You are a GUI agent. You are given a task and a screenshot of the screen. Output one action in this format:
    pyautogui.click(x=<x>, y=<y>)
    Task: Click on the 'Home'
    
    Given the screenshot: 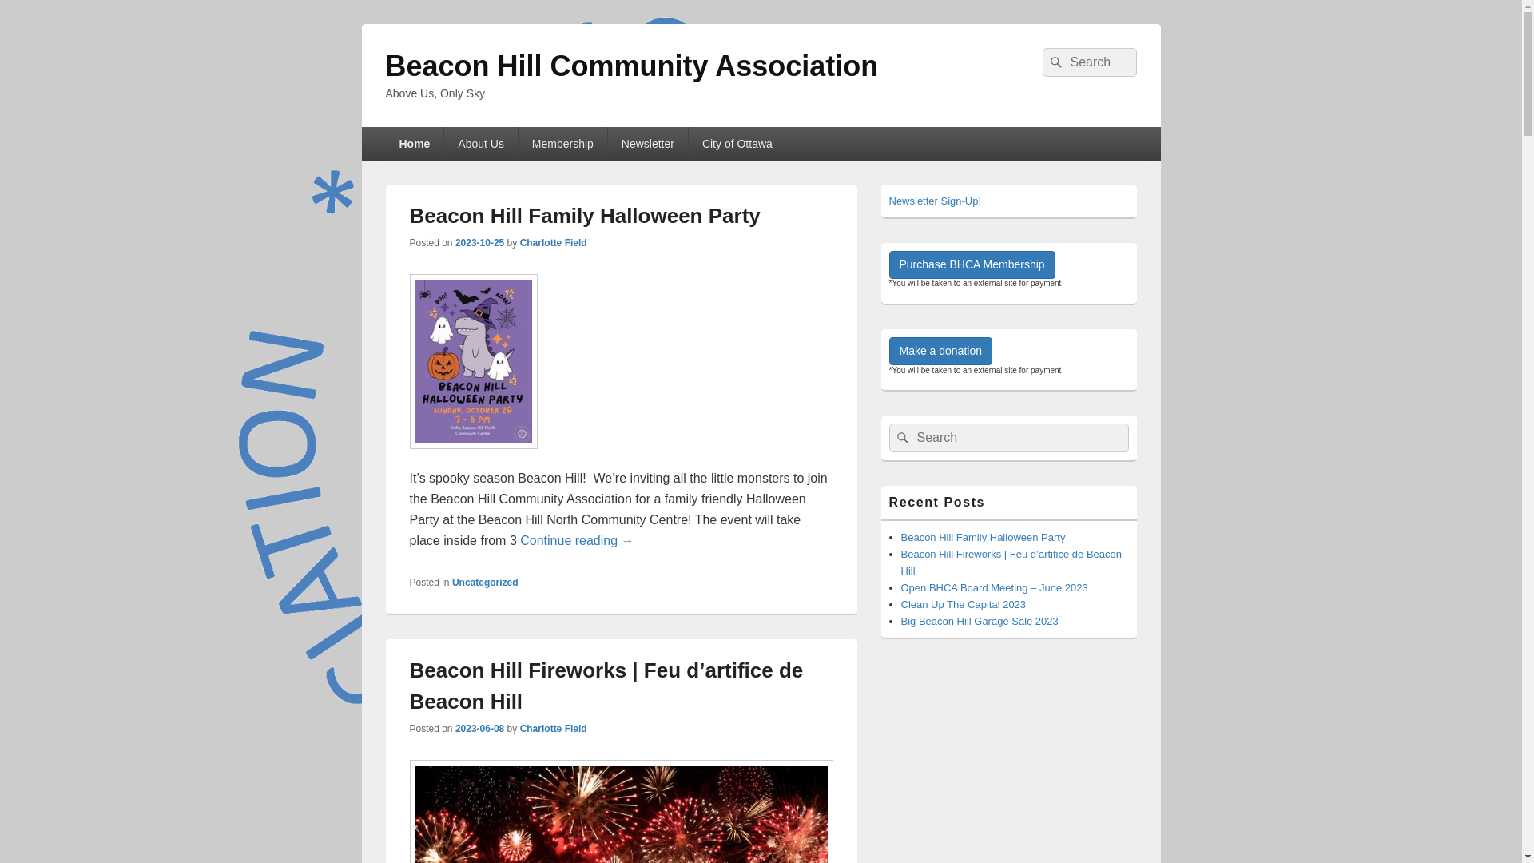 What is the action you would take?
    pyautogui.click(x=414, y=144)
    